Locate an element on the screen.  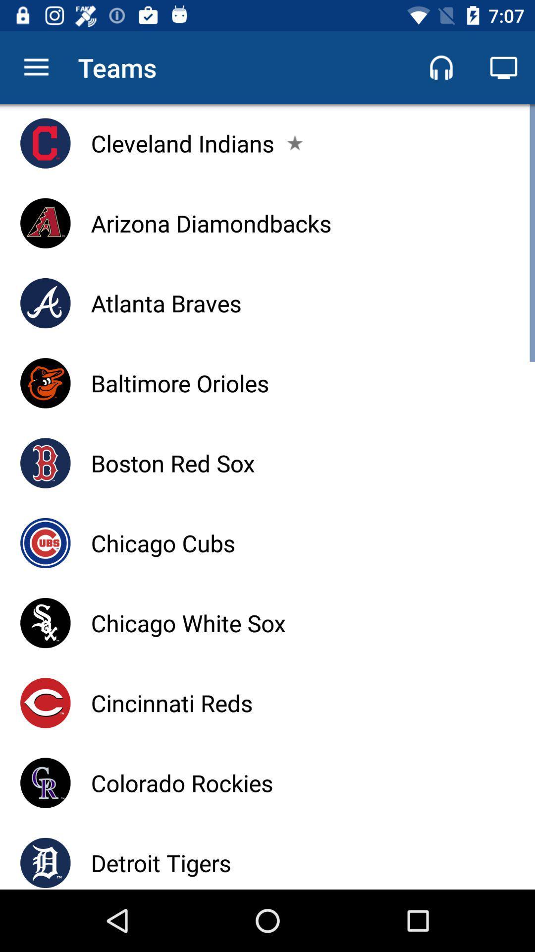
icon below baltimore orioles item is located at coordinates (172, 463).